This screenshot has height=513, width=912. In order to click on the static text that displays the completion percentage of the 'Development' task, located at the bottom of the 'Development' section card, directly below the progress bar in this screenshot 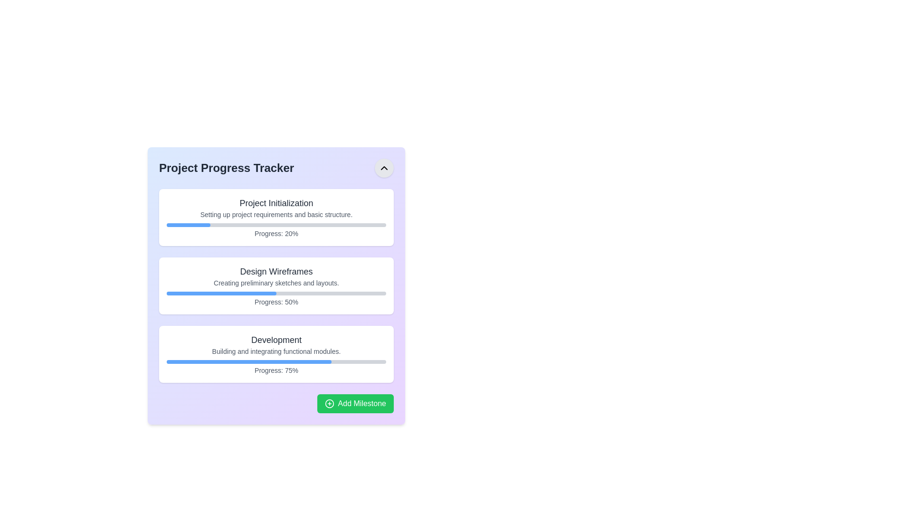, I will do `click(275, 370)`.